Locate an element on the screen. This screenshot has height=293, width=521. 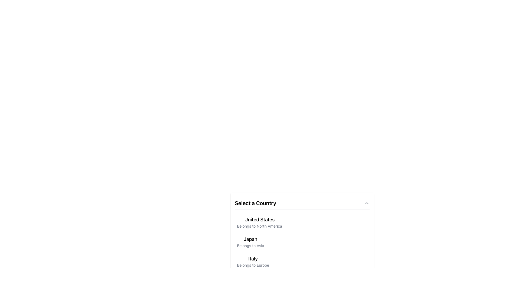
the text label 'Japan' which identifies the country within the selection interface, located below 'United States Belongs to North America' is located at coordinates (250, 239).